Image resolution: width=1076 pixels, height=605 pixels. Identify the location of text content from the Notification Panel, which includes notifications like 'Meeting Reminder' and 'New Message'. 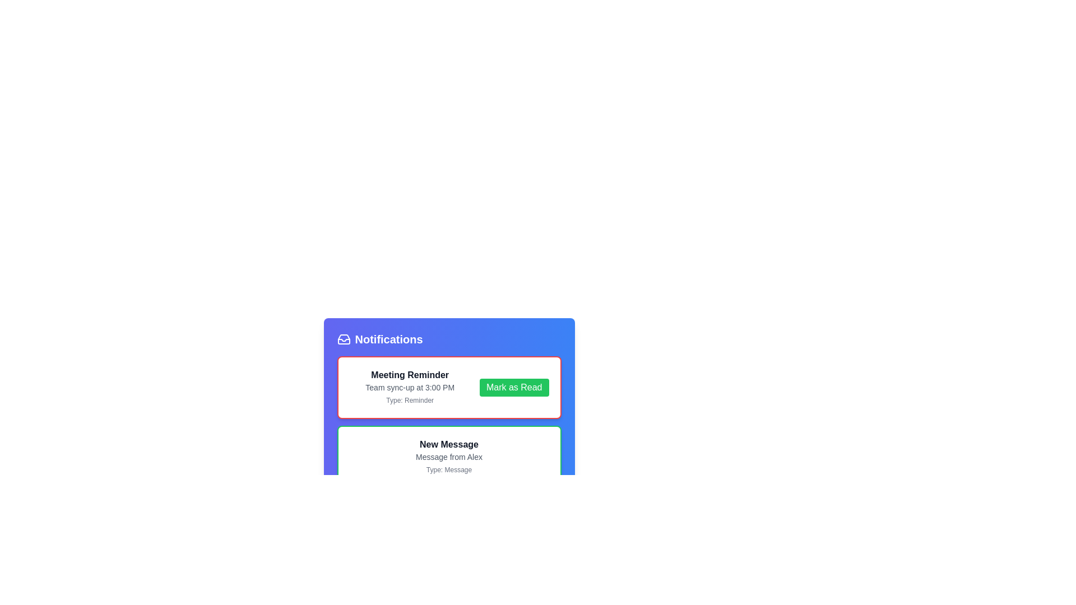
(449, 425).